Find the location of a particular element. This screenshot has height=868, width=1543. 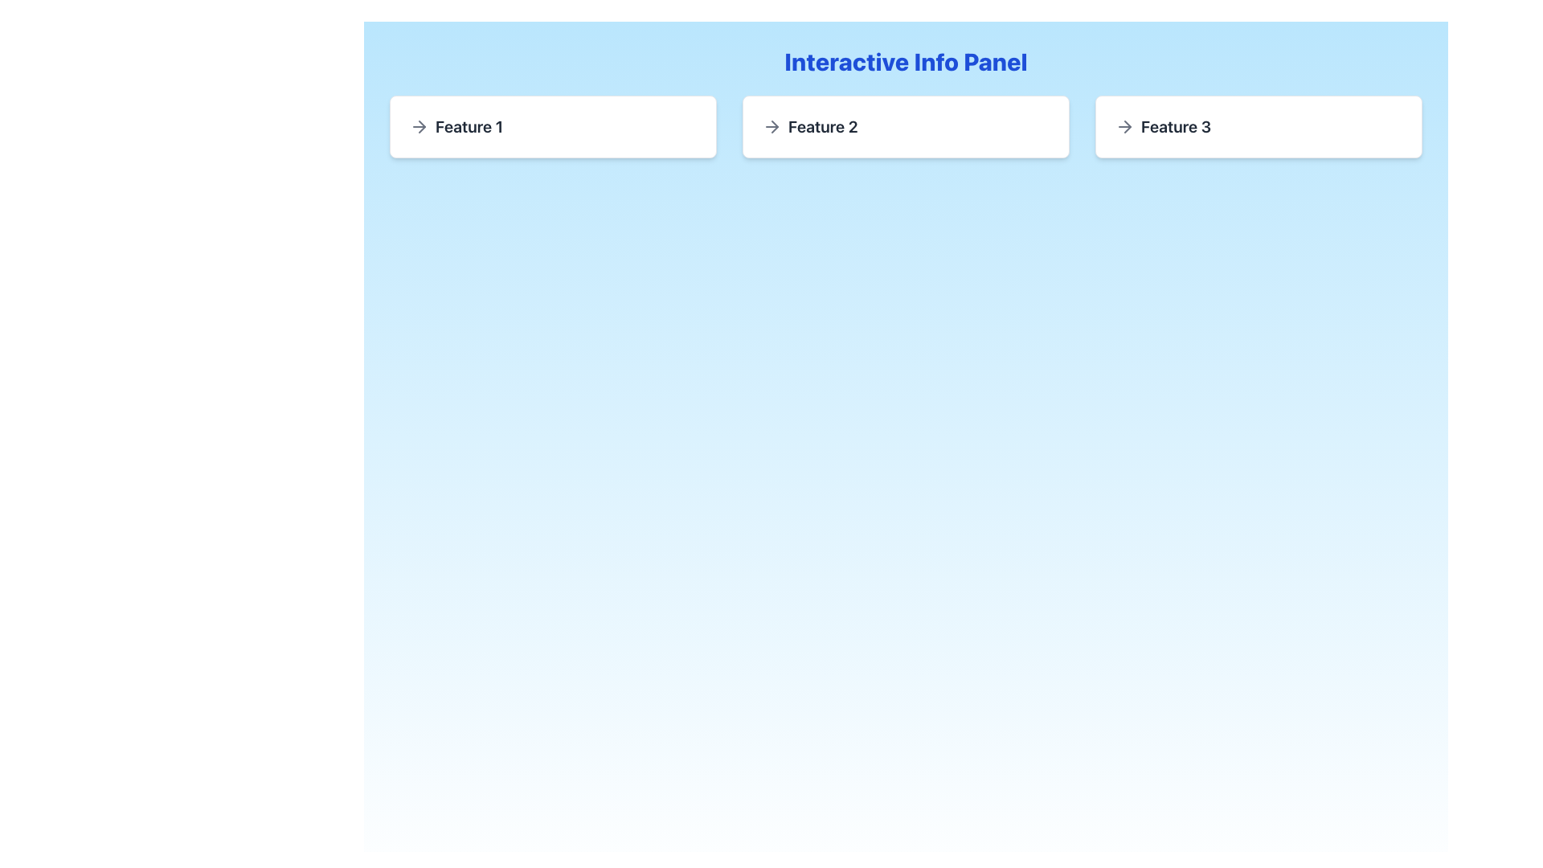

the alignment of the arrow icon positioned to the left of the text 'Feature 2' in the grid-based layout interface is located at coordinates (771, 126).